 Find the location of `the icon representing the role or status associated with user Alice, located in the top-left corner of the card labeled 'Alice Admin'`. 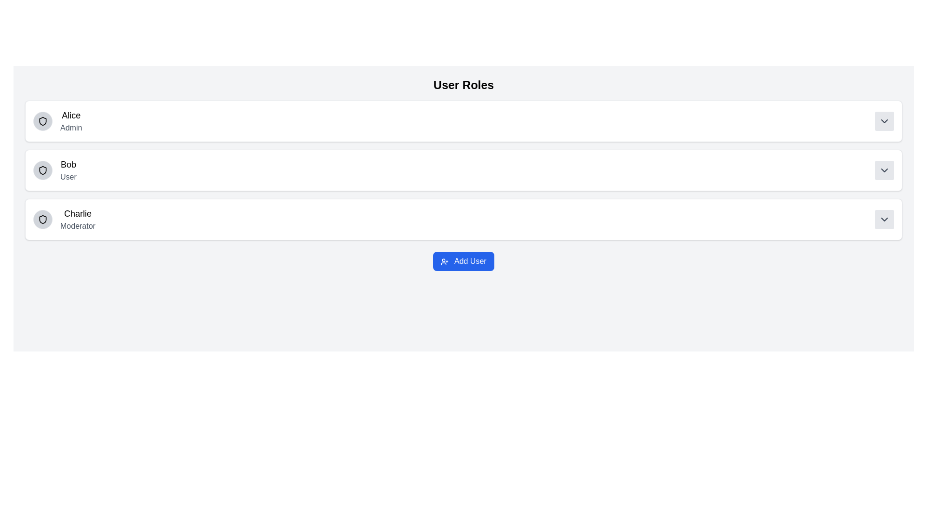

the icon representing the role or status associated with user Alice, located in the top-left corner of the card labeled 'Alice Admin' is located at coordinates (42, 120).